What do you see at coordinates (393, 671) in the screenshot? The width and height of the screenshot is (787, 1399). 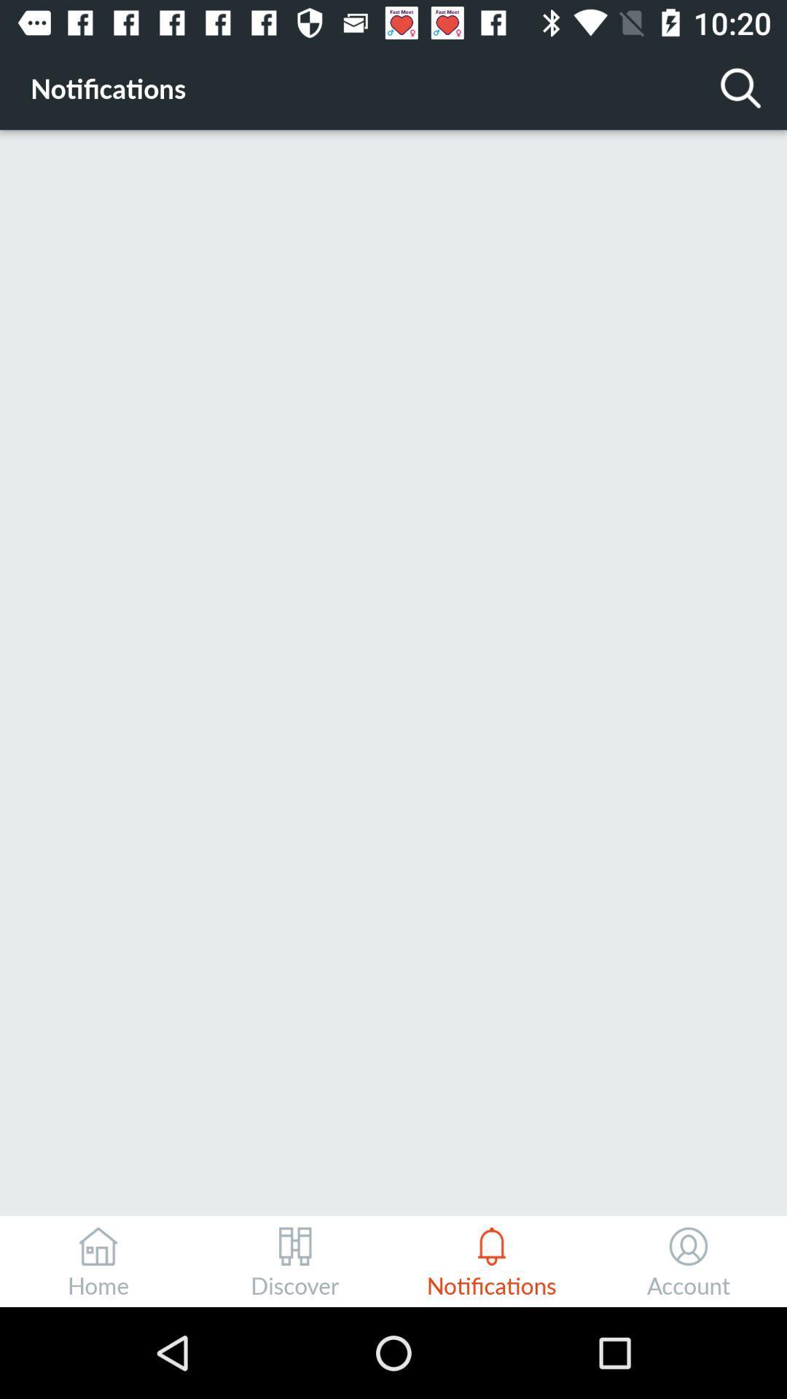 I see `icon at the center` at bounding box center [393, 671].